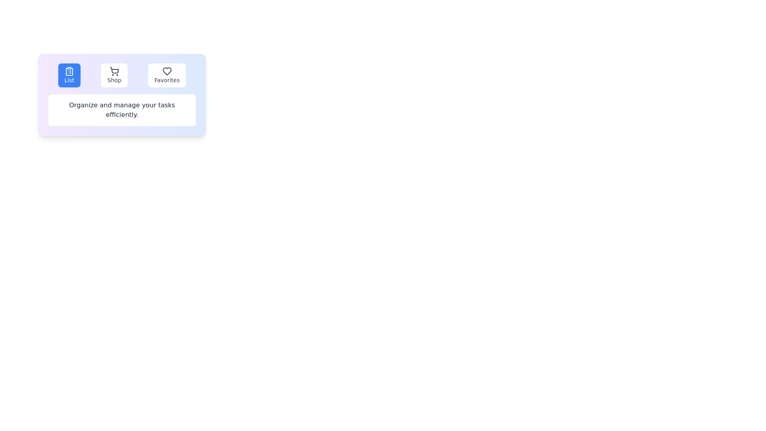  Describe the element at coordinates (114, 75) in the screenshot. I see `the tab labeled Shop to view its content` at that location.